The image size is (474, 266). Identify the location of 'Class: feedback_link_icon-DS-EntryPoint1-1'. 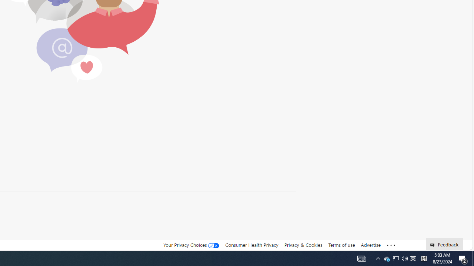
(434, 245).